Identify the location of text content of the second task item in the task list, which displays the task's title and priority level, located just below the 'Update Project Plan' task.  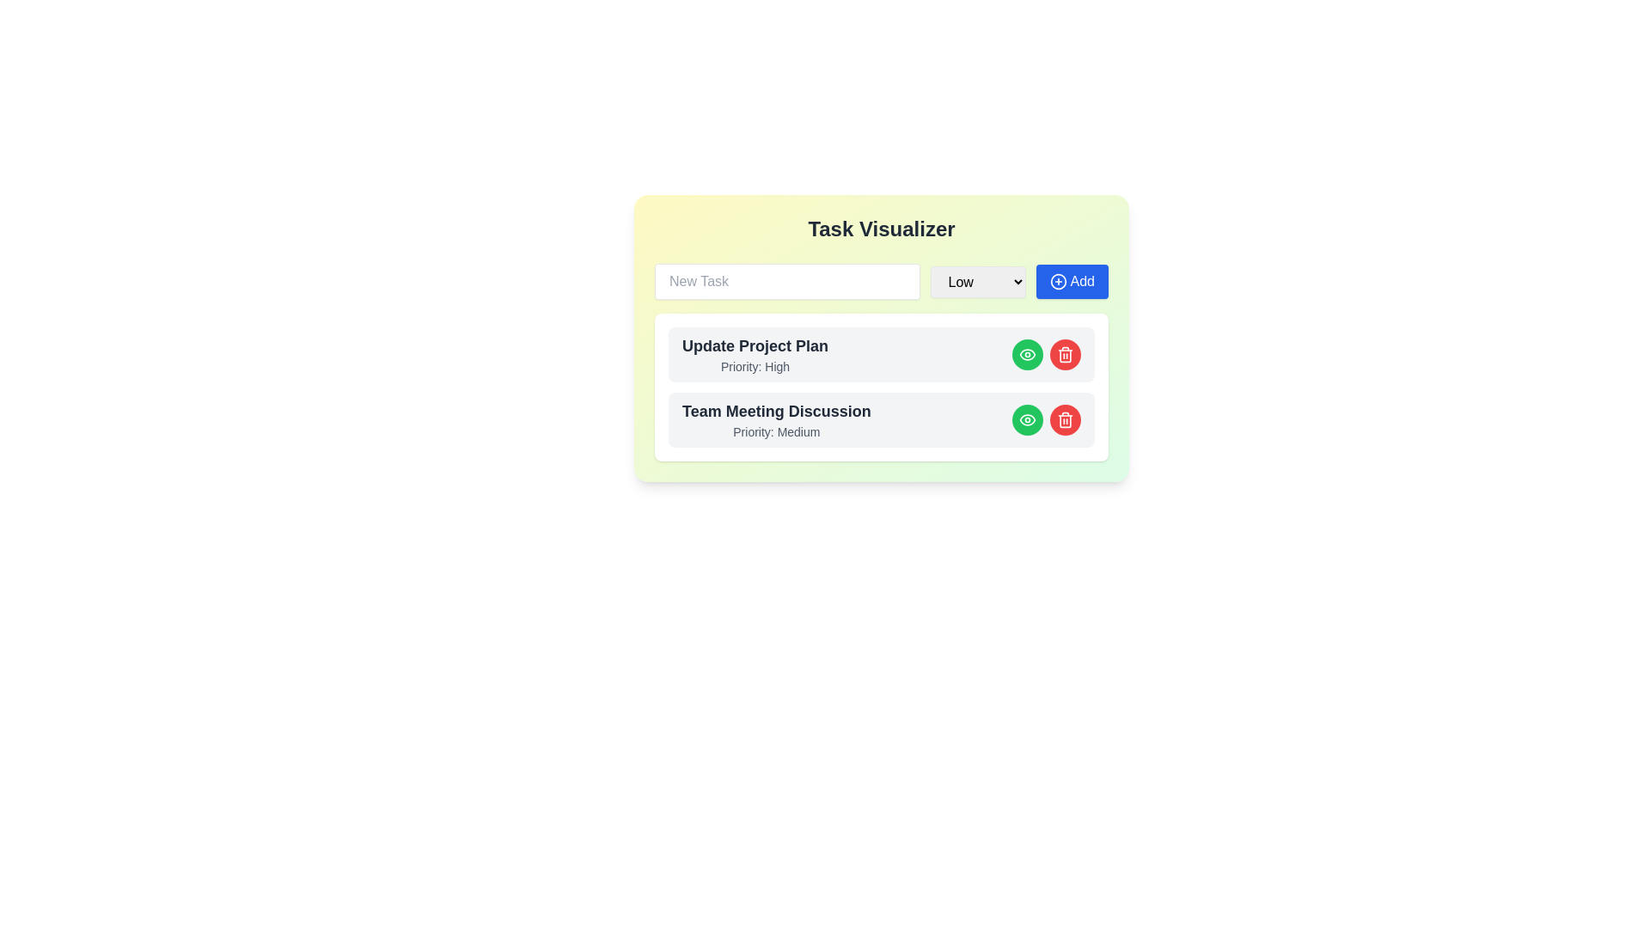
(775, 420).